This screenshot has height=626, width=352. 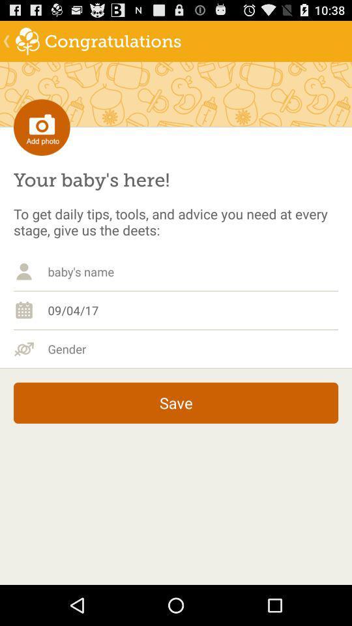 What do you see at coordinates (192, 271) in the screenshot?
I see `baby 's name` at bounding box center [192, 271].